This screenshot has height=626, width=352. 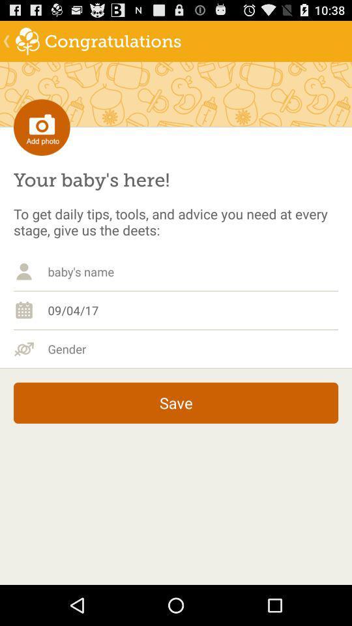 What do you see at coordinates (192, 271) in the screenshot?
I see `baby 's name` at bounding box center [192, 271].